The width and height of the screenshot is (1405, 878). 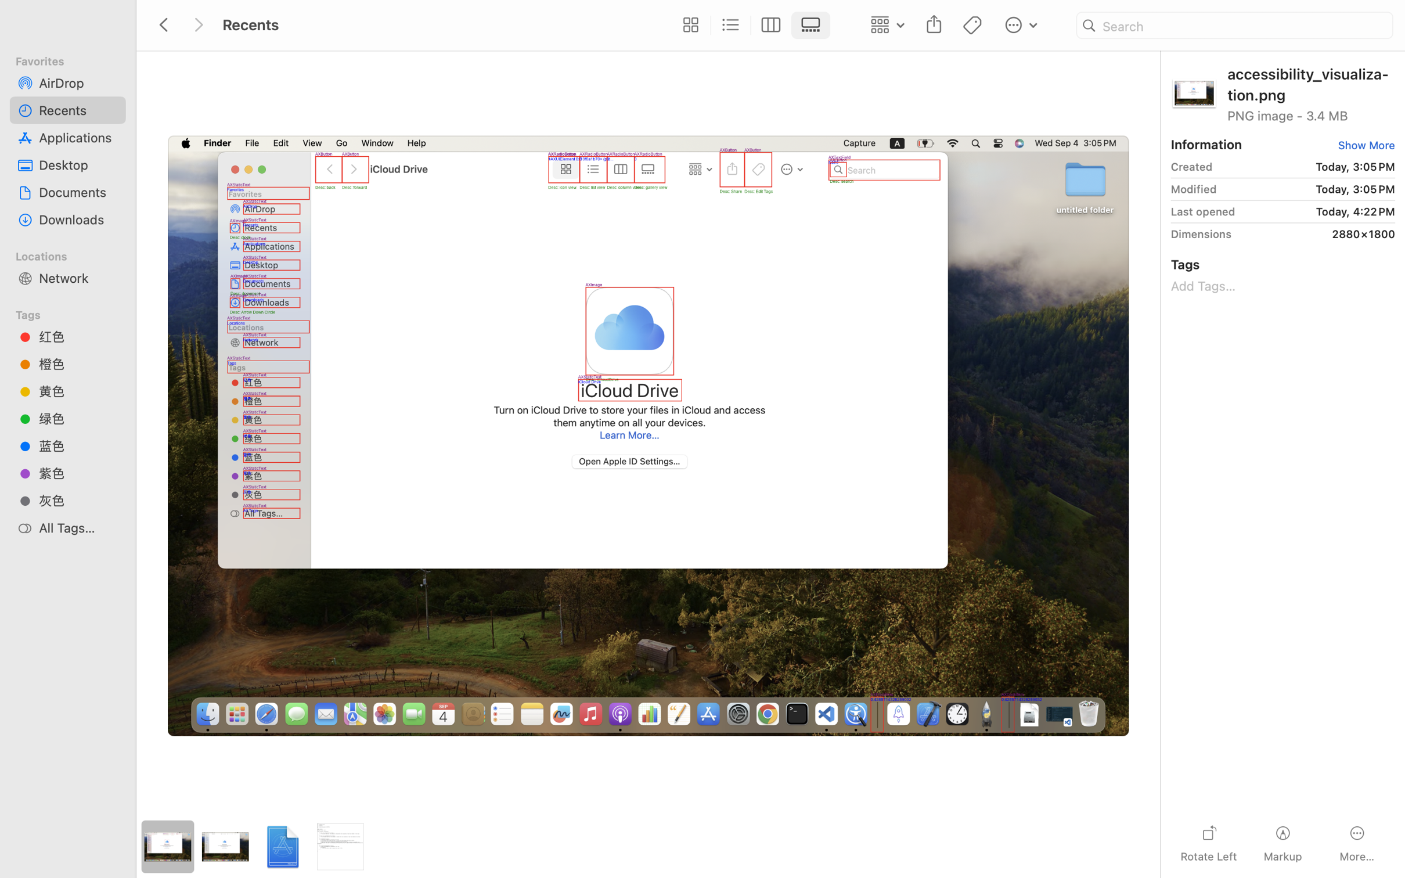 What do you see at coordinates (73, 254) in the screenshot?
I see `'Locations'` at bounding box center [73, 254].